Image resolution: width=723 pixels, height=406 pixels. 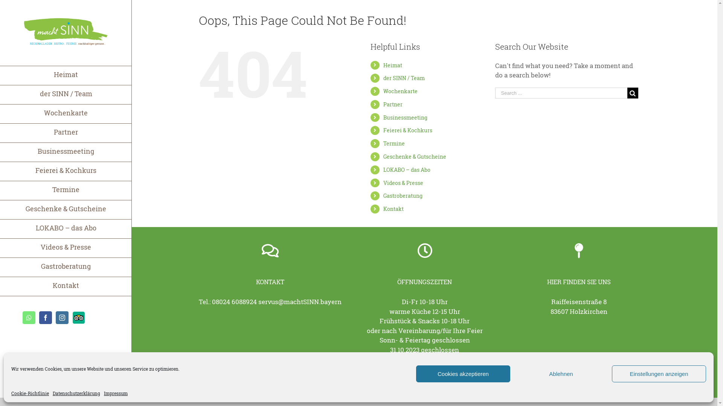 What do you see at coordinates (11, 392) in the screenshot?
I see `'Cookie-Richtlinie'` at bounding box center [11, 392].